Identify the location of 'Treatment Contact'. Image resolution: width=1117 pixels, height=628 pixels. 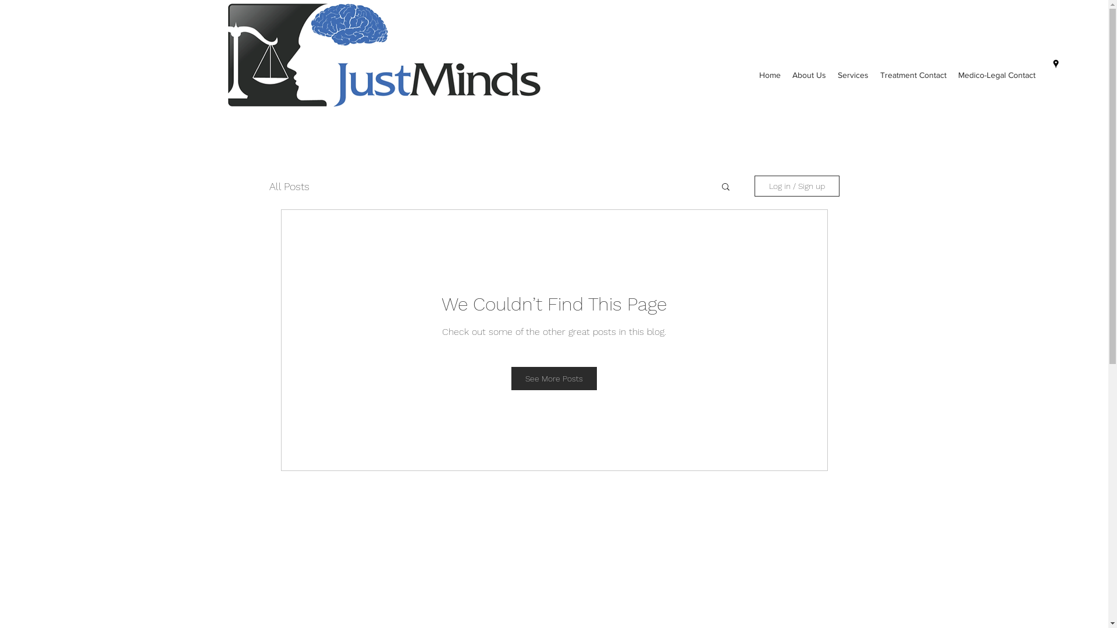
(874, 75).